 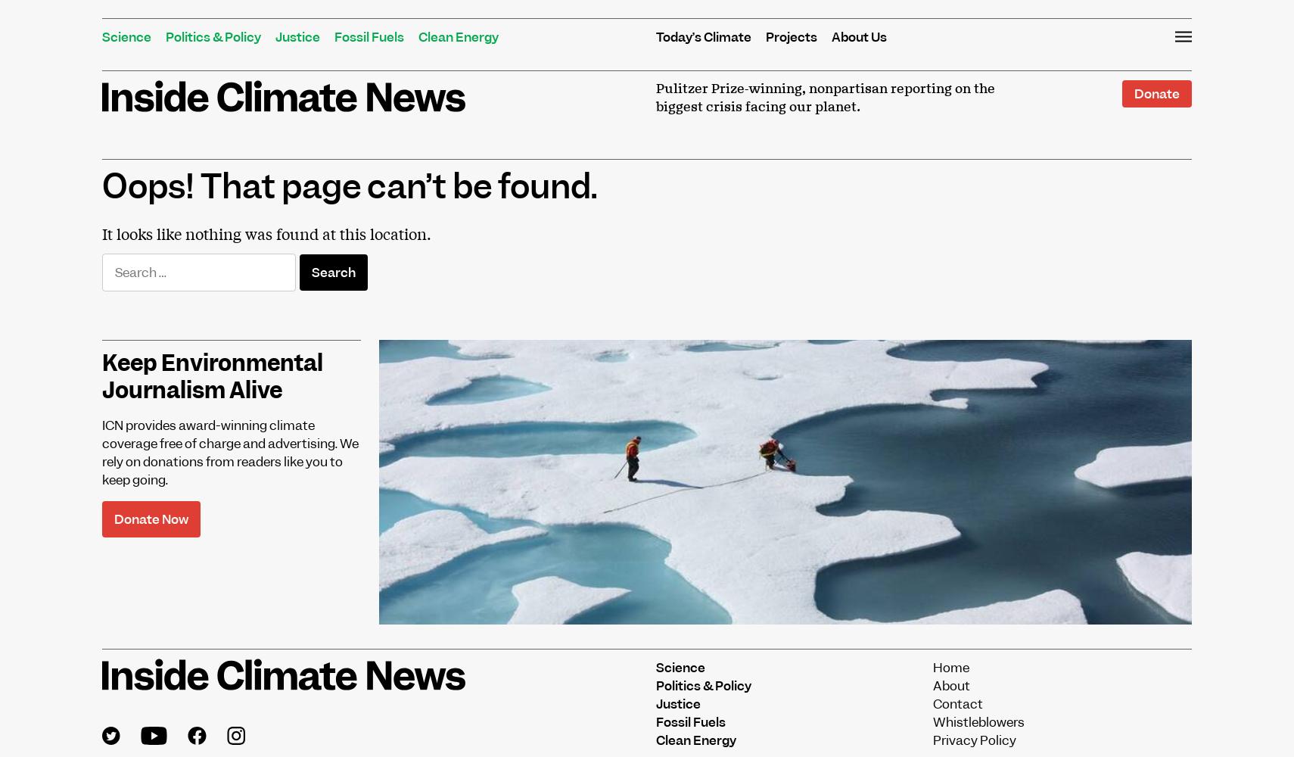 What do you see at coordinates (764, 37) in the screenshot?
I see `'Projects'` at bounding box center [764, 37].